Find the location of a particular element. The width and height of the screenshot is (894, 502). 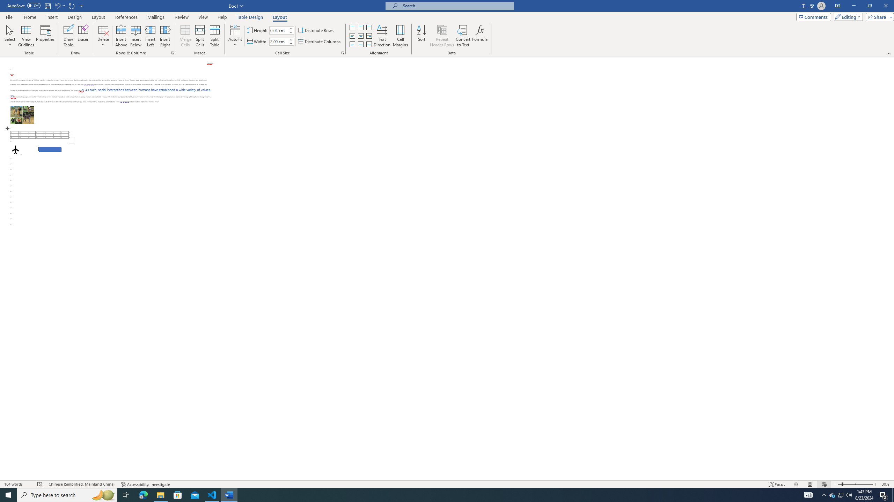

'Zoom' is located at coordinates (855, 484).